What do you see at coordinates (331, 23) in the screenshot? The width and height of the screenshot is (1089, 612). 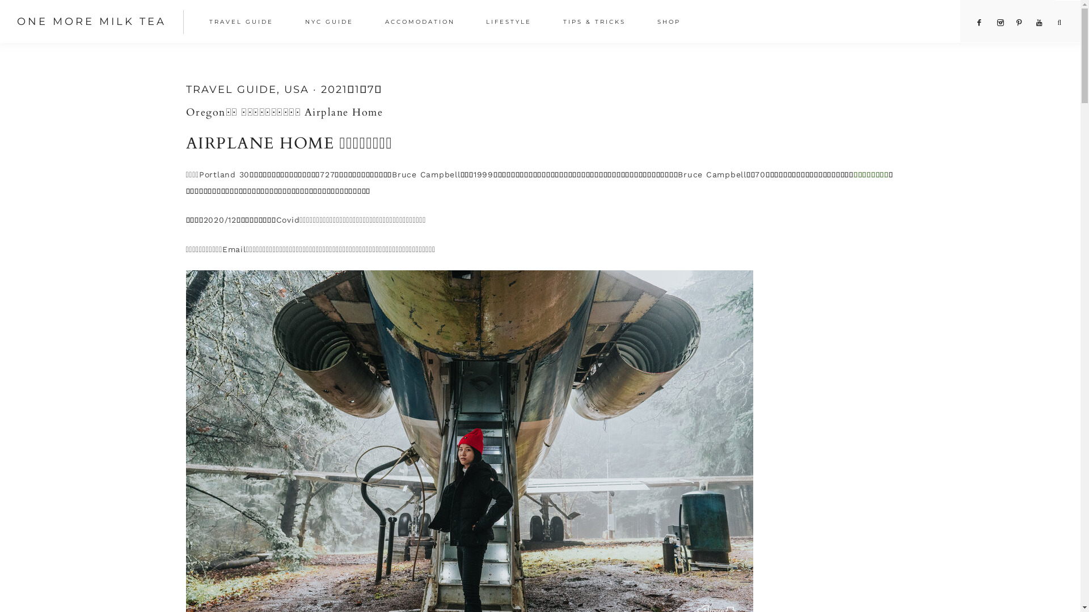 I see `'NYC GUIDE'` at bounding box center [331, 23].